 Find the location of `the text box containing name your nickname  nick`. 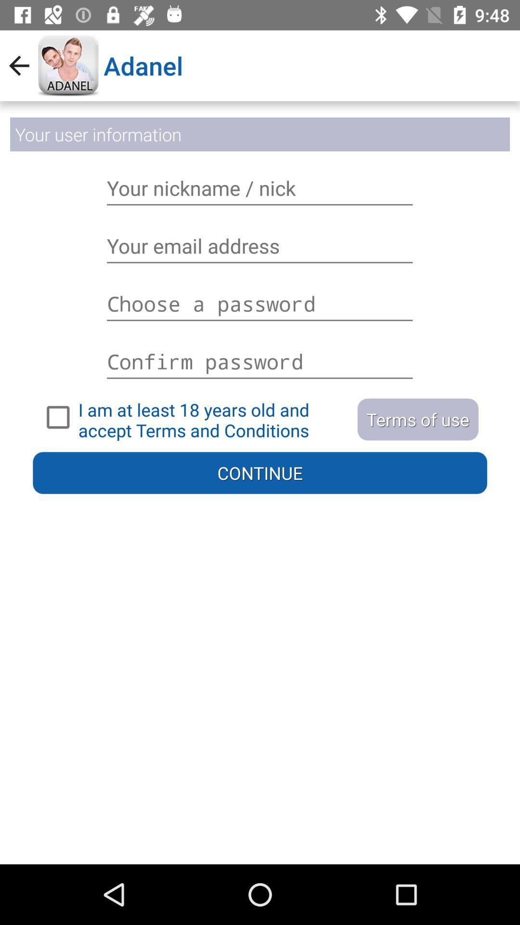

the text box containing name your nickname  nick is located at coordinates (260, 188).